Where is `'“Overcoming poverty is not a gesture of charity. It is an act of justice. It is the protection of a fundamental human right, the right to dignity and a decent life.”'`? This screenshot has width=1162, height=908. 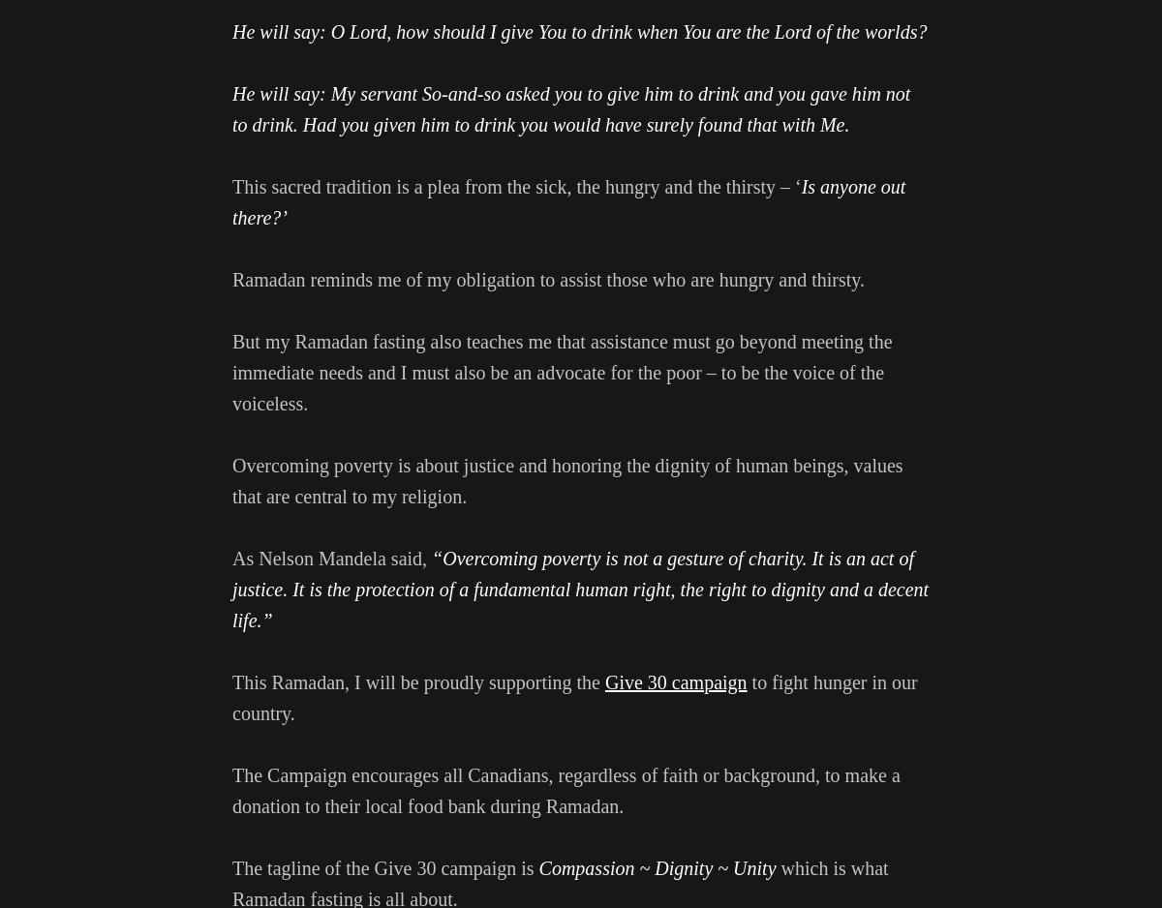 '“Overcoming poverty is not a gesture of charity. It is an act of justice. It is the protection of a fundamental human right, the right to dignity and a decent life.”' is located at coordinates (579, 590).